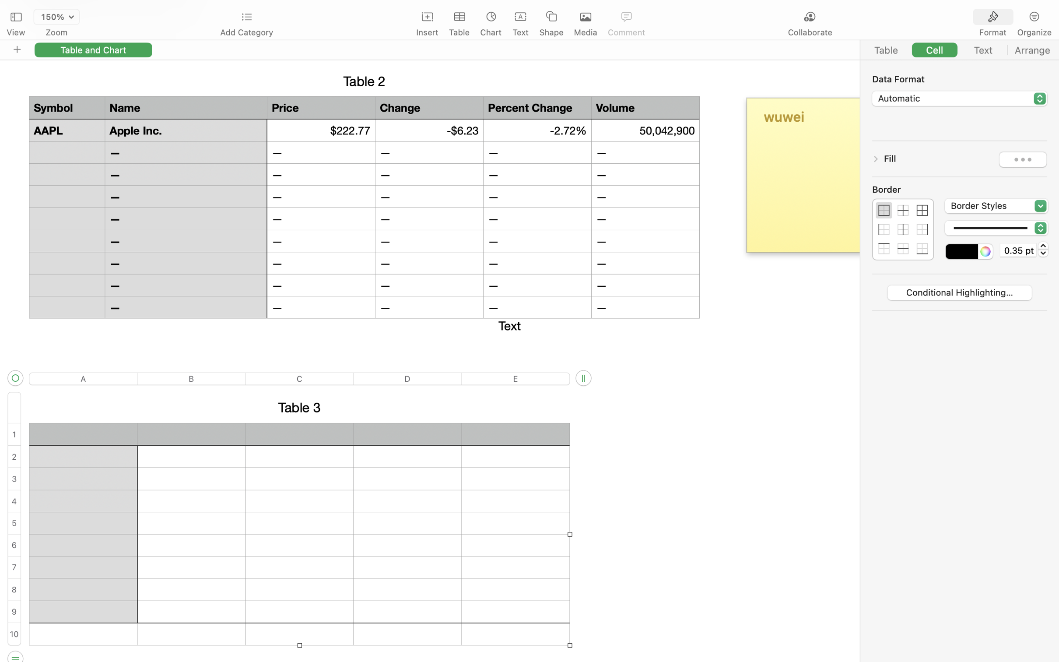 This screenshot has width=1059, height=662. What do you see at coordinates (1034, 32) in the screenshot?
I see `'Organize'` at bounding box center [1034, 32].